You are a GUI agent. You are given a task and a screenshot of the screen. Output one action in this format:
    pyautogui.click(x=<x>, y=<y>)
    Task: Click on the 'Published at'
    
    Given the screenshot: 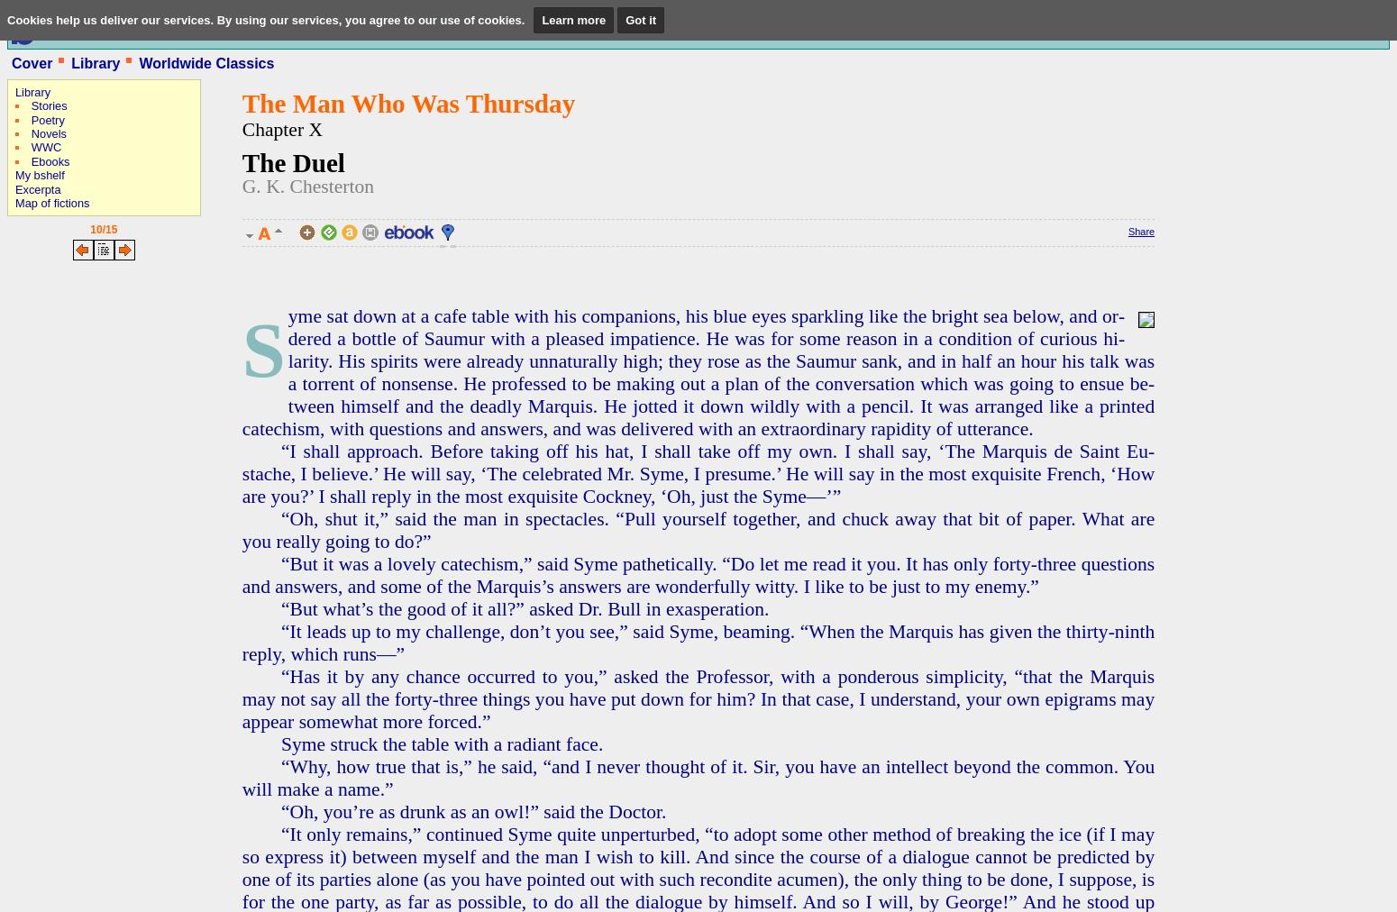 What is the action you would take?
    pyautogui.click(x=49, y=20)
    